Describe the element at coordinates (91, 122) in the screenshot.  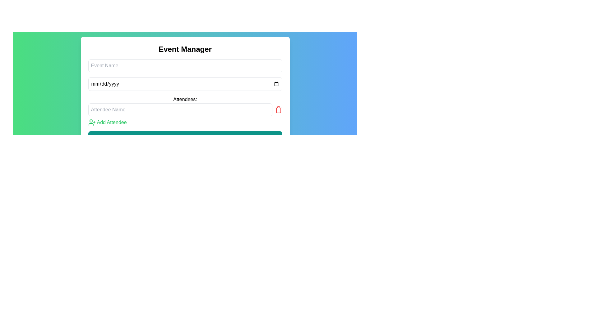
I see `the green user icon with a plus sign next to it, which is part of the 'Add Attendee' interactive component located underneath the 'Attendee Name' input field` at that location.